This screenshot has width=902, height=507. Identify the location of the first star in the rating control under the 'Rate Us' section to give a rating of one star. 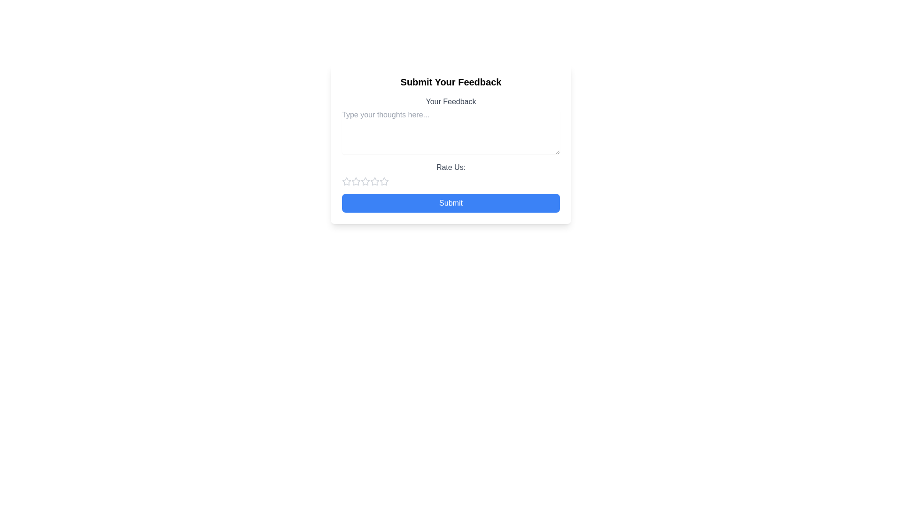
(356, 181).